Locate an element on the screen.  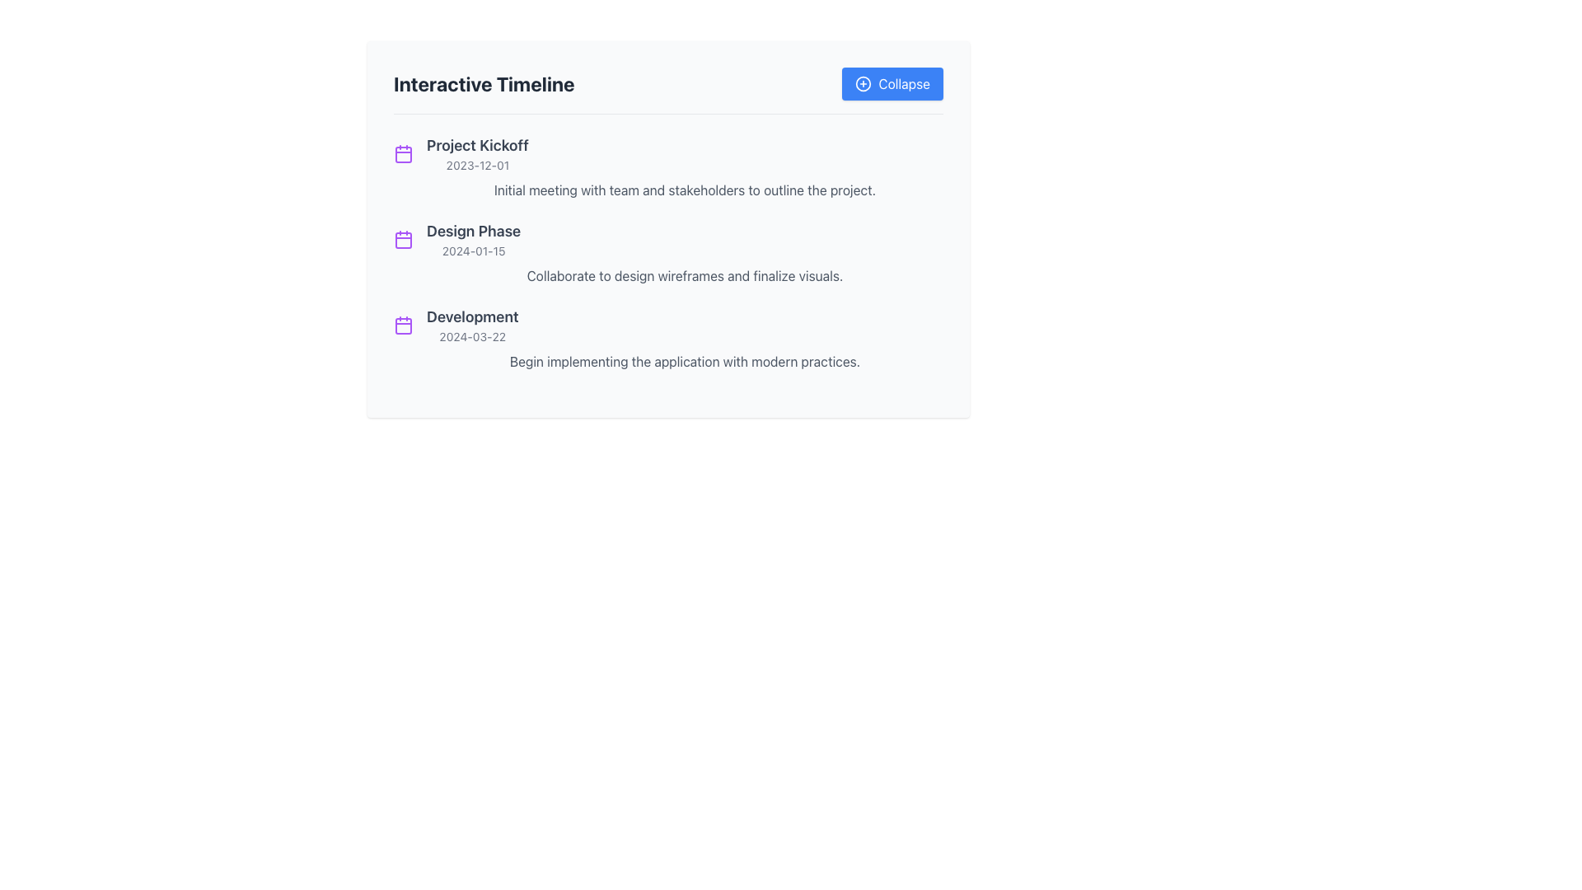
the central rectangular section of the calendar icon that represents the 'Design Phase' timeline entry is located at coordinates (403, 241).